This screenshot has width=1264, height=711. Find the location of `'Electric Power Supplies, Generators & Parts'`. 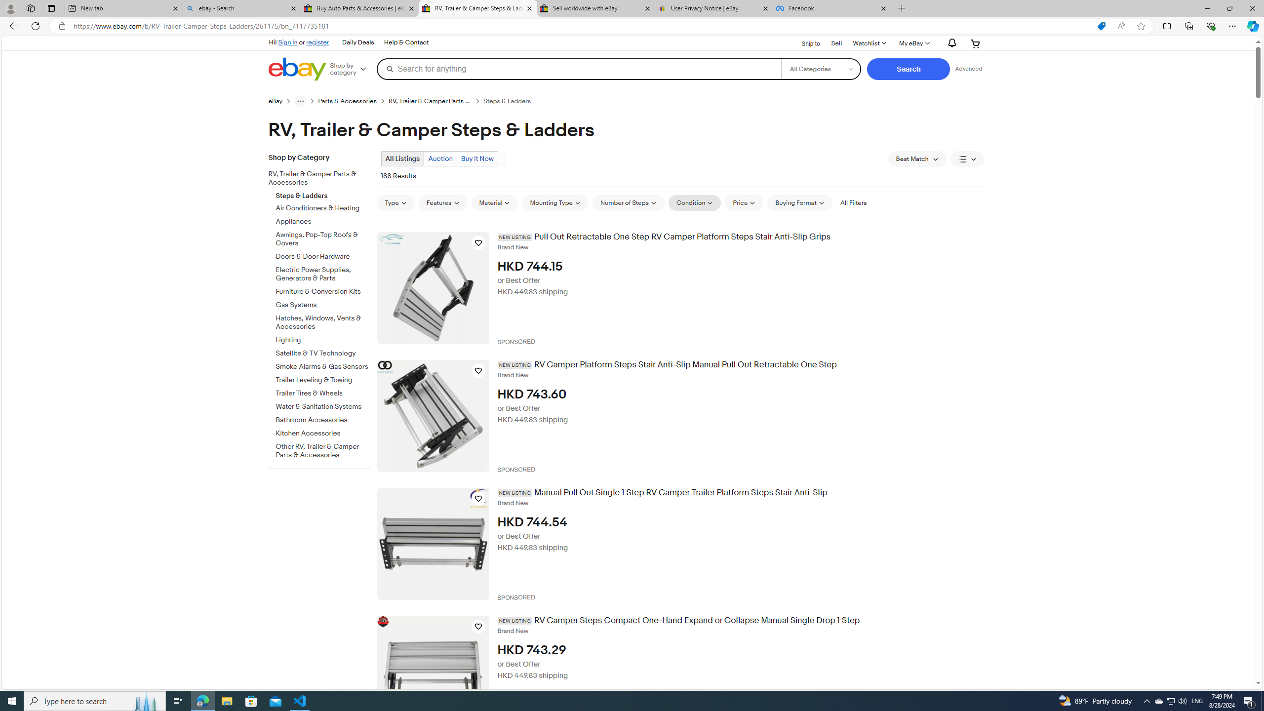

'Electric Power Supplies, Generators & Parts' is located at coordinates (322, 272).